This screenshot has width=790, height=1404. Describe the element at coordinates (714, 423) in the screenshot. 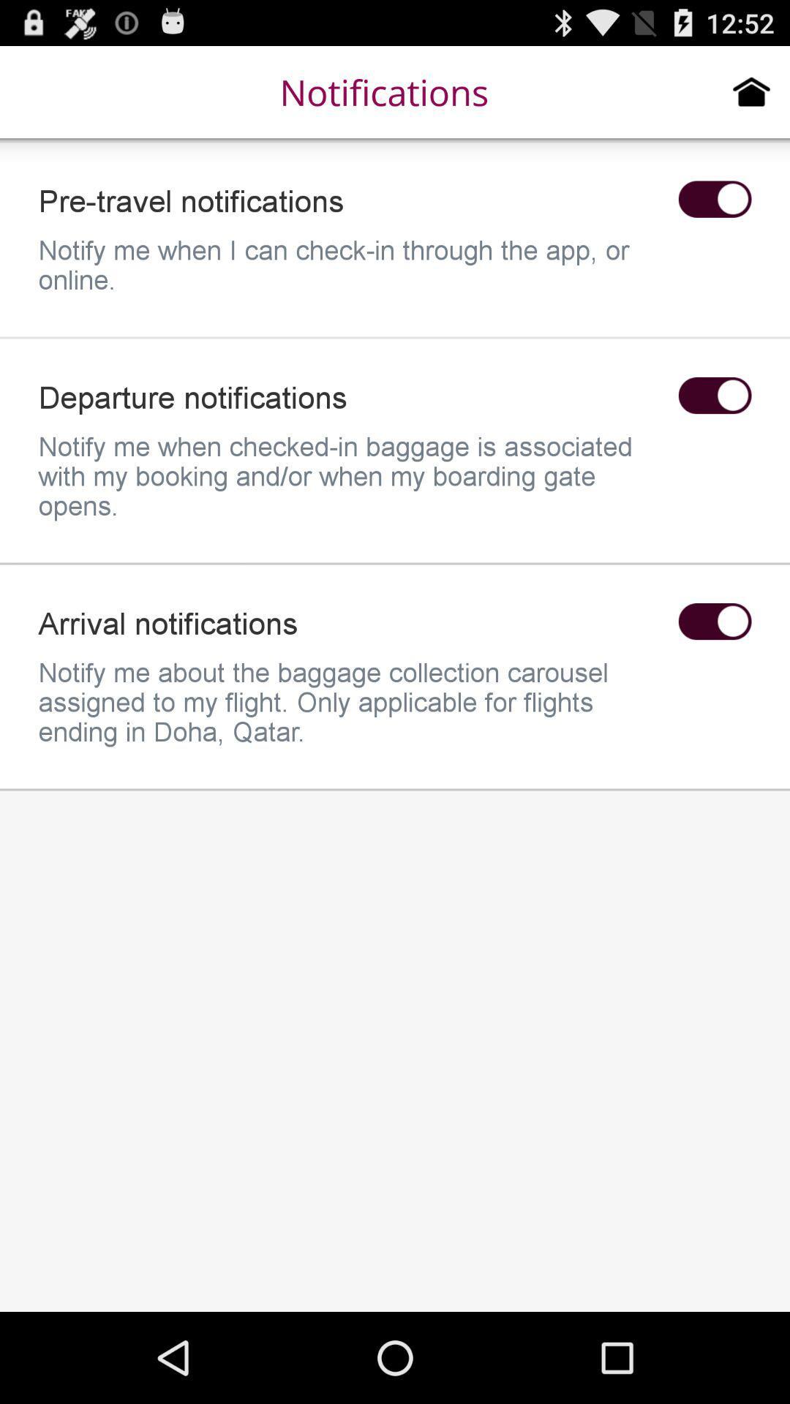

I see `the avatar icon` at that location.